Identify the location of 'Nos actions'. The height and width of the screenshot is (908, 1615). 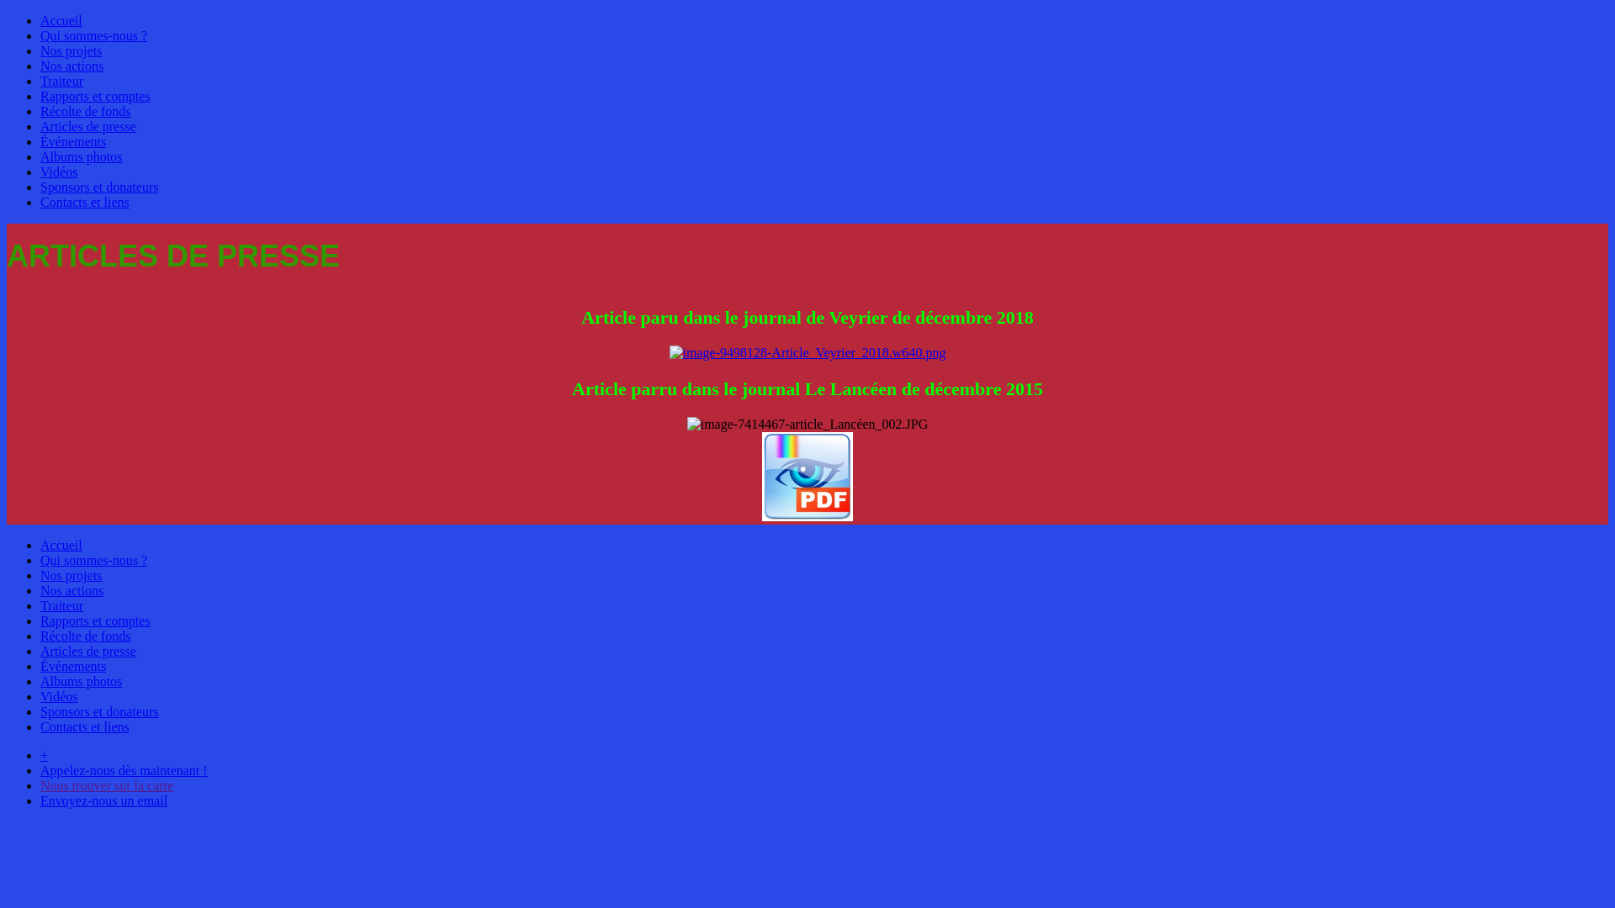
(71, 65).